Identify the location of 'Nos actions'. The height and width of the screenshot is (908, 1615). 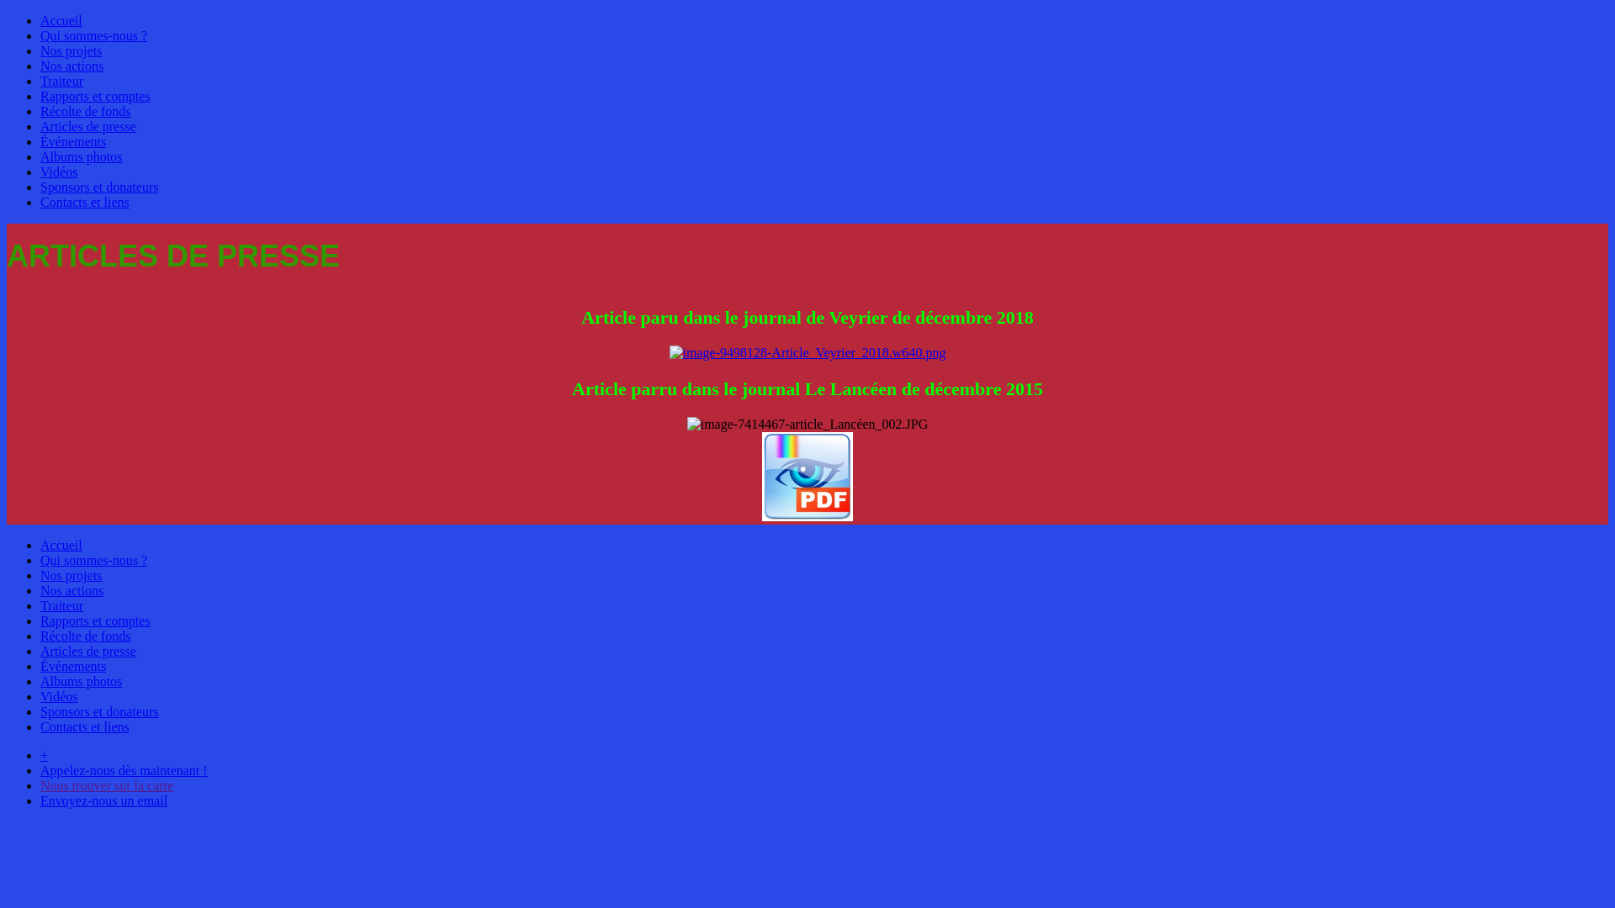
(71, 65).